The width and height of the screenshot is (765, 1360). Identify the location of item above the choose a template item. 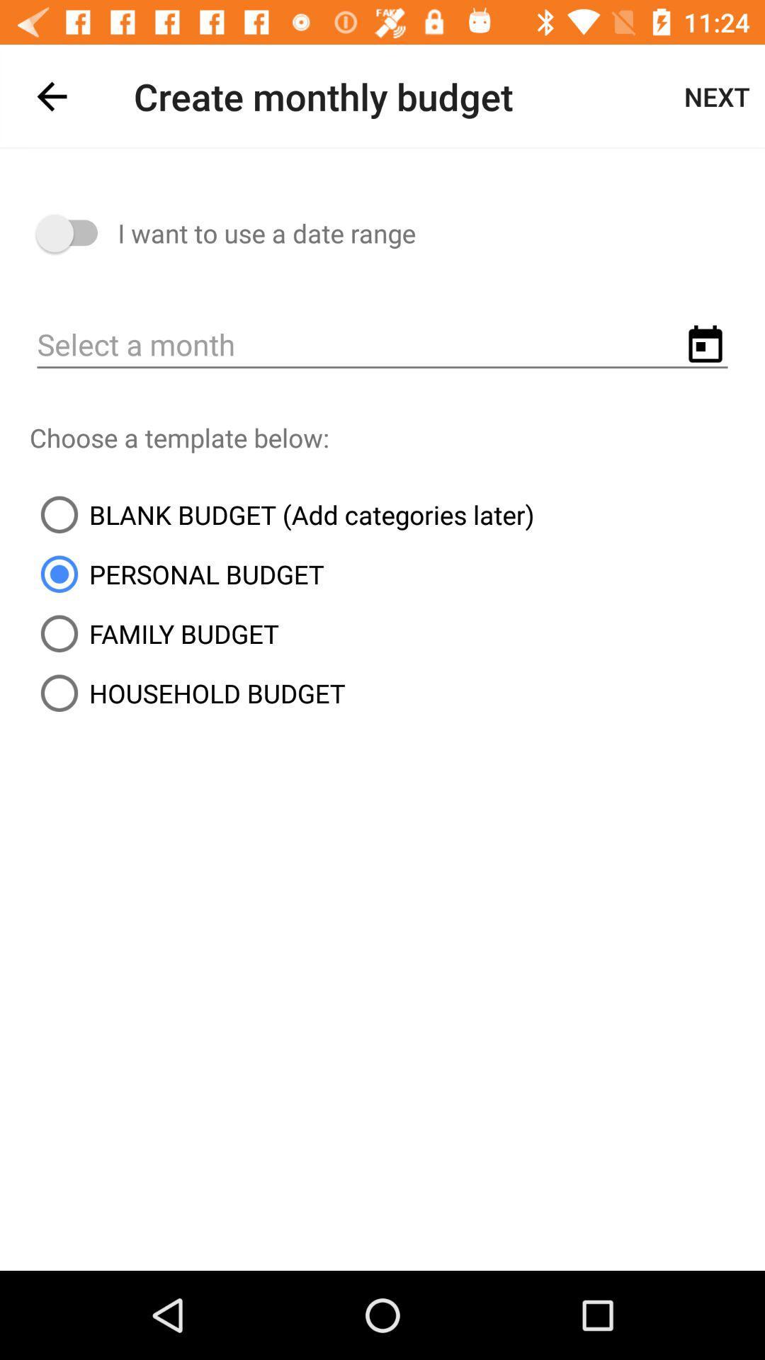
(382, 346).